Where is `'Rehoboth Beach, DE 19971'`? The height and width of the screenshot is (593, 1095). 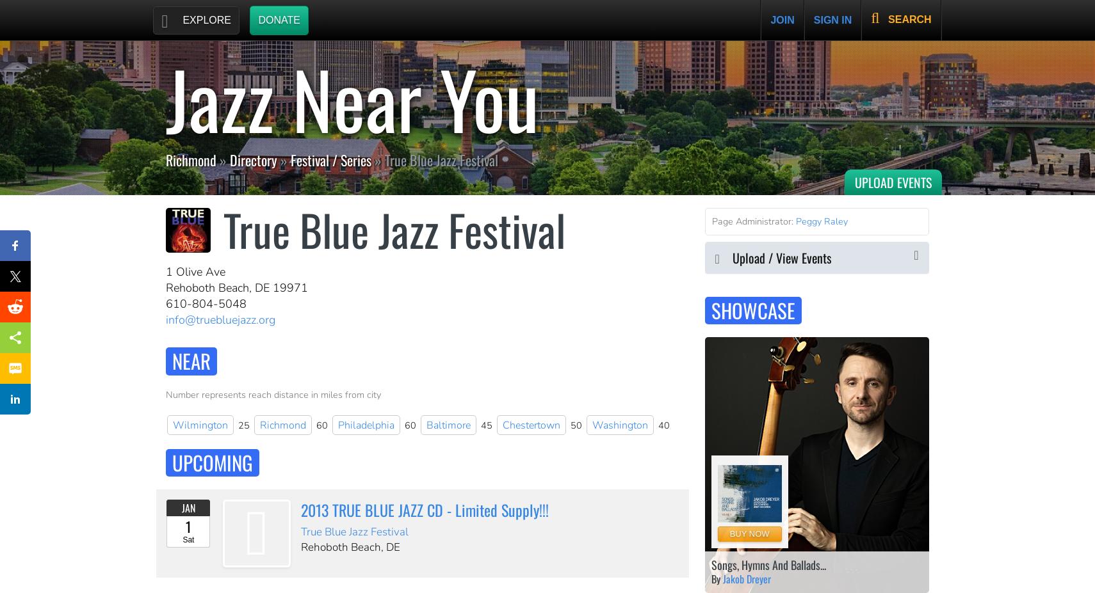 'Rehoboth Beach, DE 19971' is located at coordinates (236, 287).